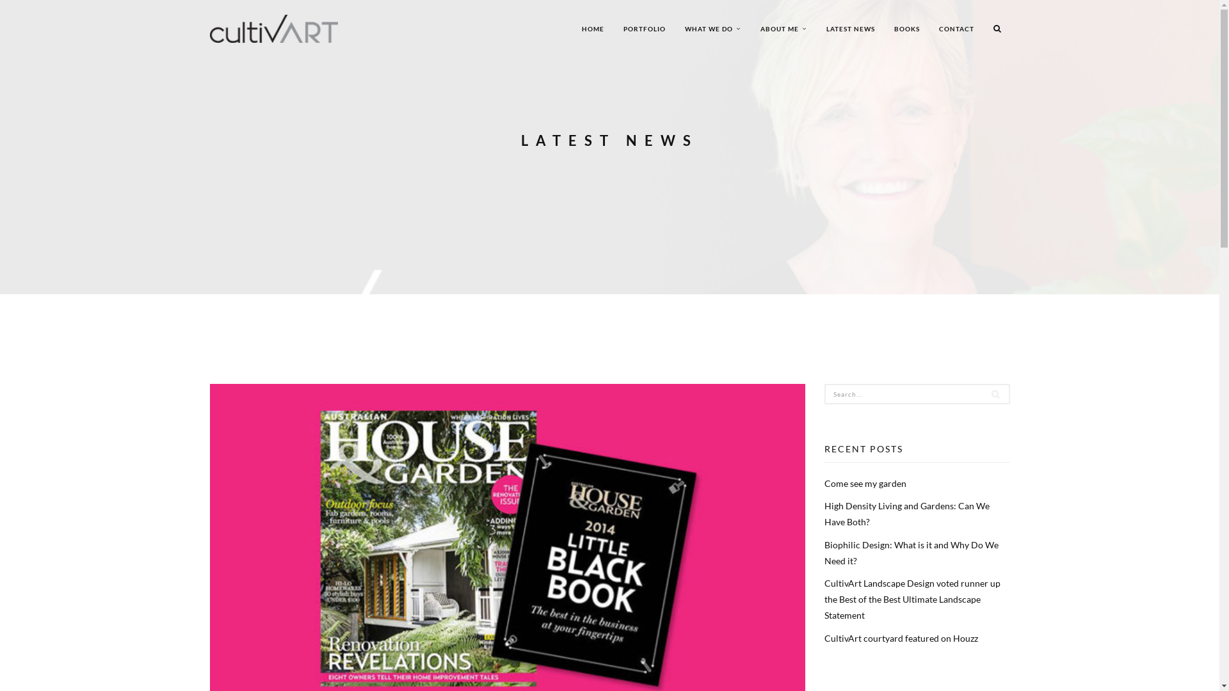 The image size is (1229, 691). Describe the element at coordinates (592, 29) in the screenshot. I see `'HOME'` at that location.